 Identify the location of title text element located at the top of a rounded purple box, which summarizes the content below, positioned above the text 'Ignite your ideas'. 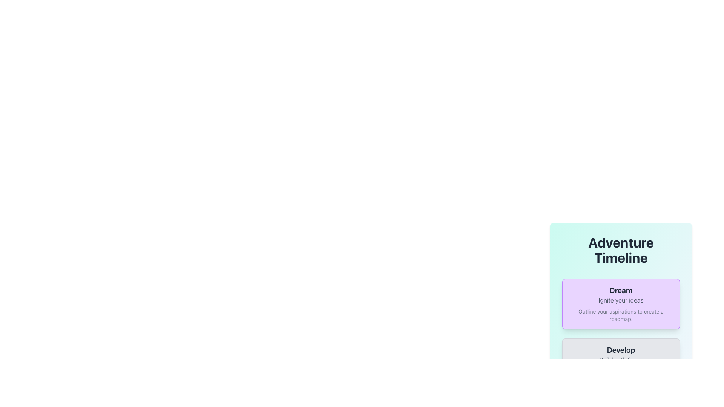
(621, 290).